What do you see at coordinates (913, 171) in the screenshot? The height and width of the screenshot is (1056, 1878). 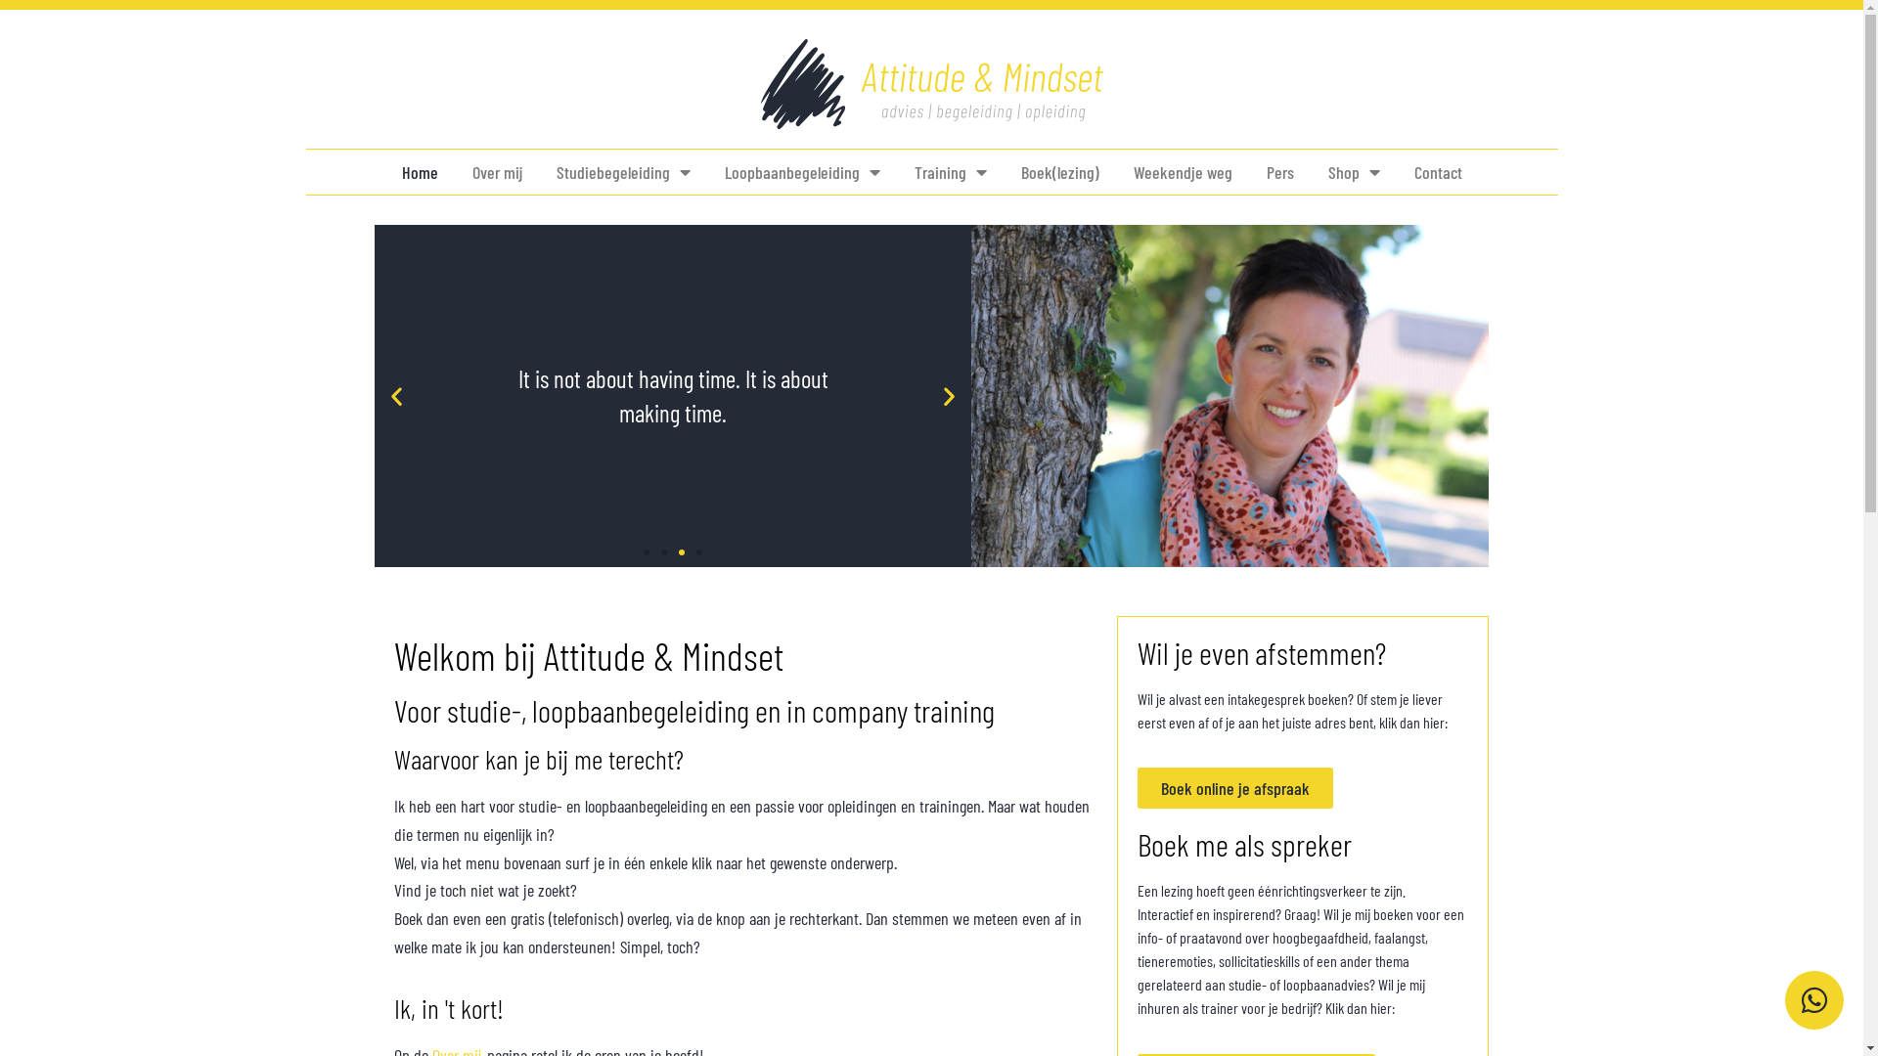 I see `'Training'` at bounding box center [913, 171].